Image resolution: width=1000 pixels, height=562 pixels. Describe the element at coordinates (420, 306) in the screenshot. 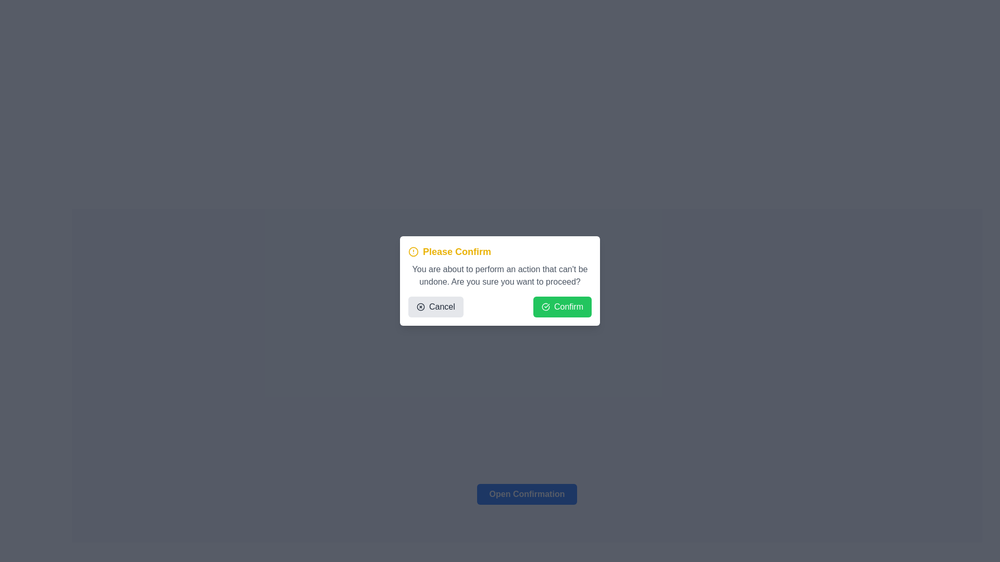

I see `the 'Cancel' icon located to the left of the 'Cancel' button within the confirmation dialog box at the bottom of the message` at that location.